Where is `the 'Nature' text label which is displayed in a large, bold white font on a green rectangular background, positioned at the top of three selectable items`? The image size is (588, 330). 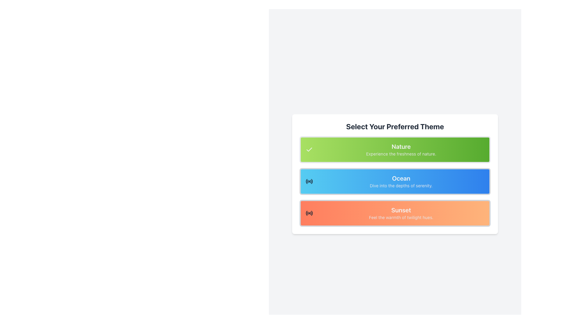
the 'Nature' text label which is displayed in a large, bold white font on a green rectangular background, positioned at the top of three selectable items is located at coordinates (401, 146).